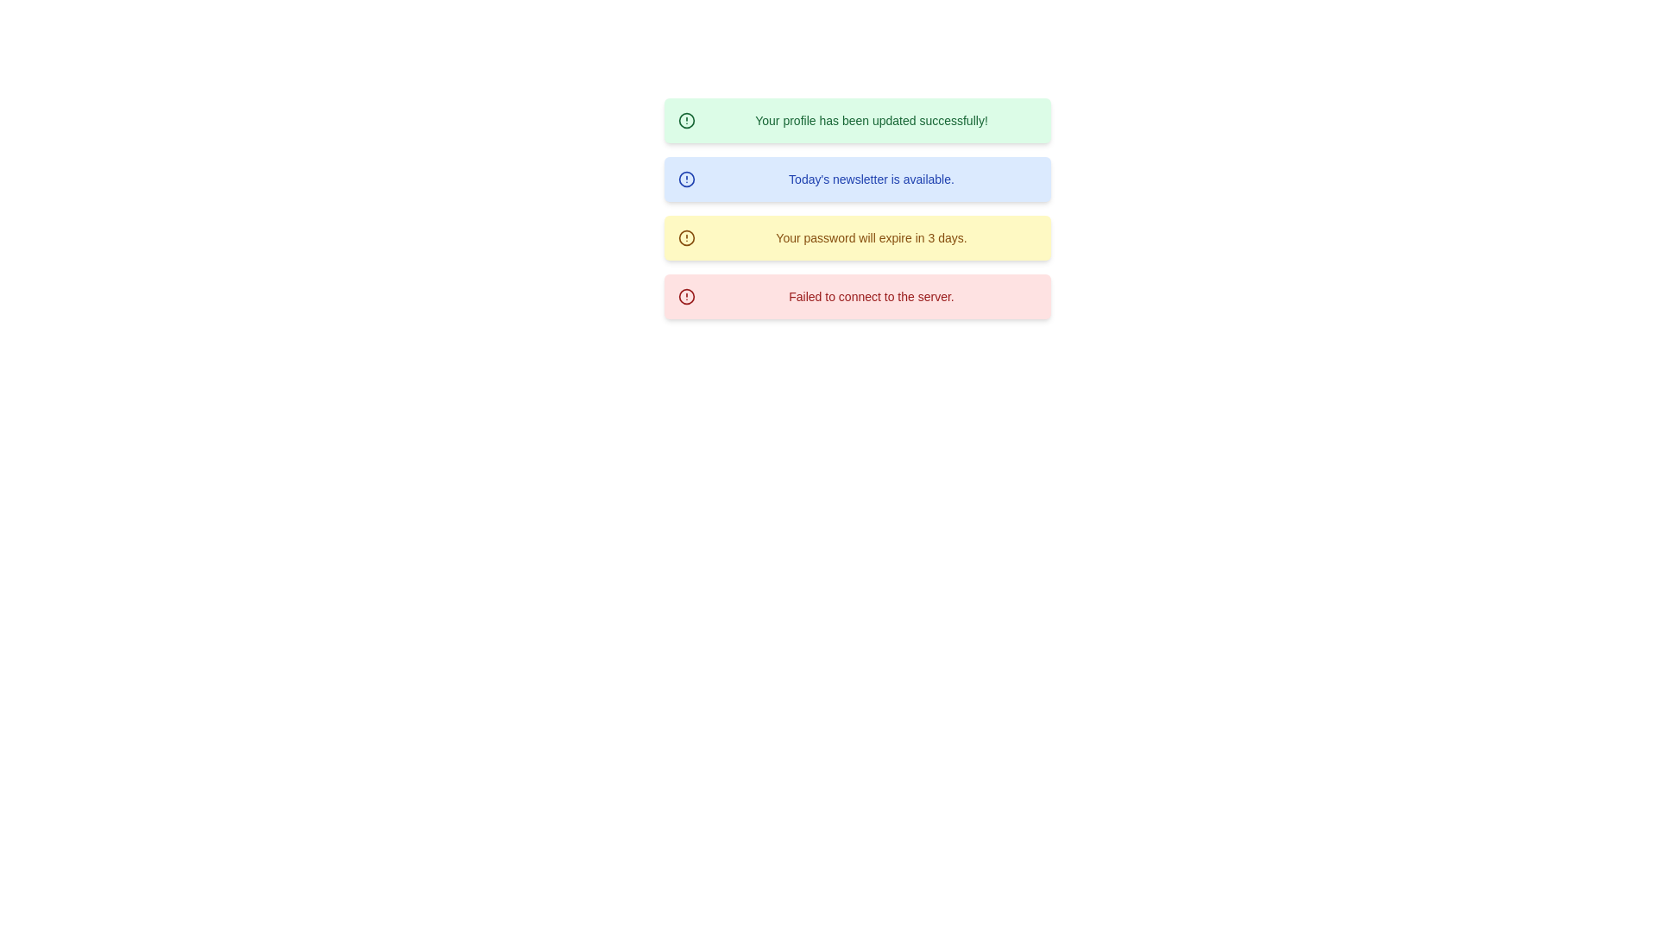 This screenshot has width=1657, height=932. What do you see at coordinates (686, 179) in the screenshot?
I see `the Alert Icon, which is a circular icon with a warning symbol, styled with a blue border, located on the left side of the notification bar for 'Today's newsletter is available.'` at bounding box center [686, 179].